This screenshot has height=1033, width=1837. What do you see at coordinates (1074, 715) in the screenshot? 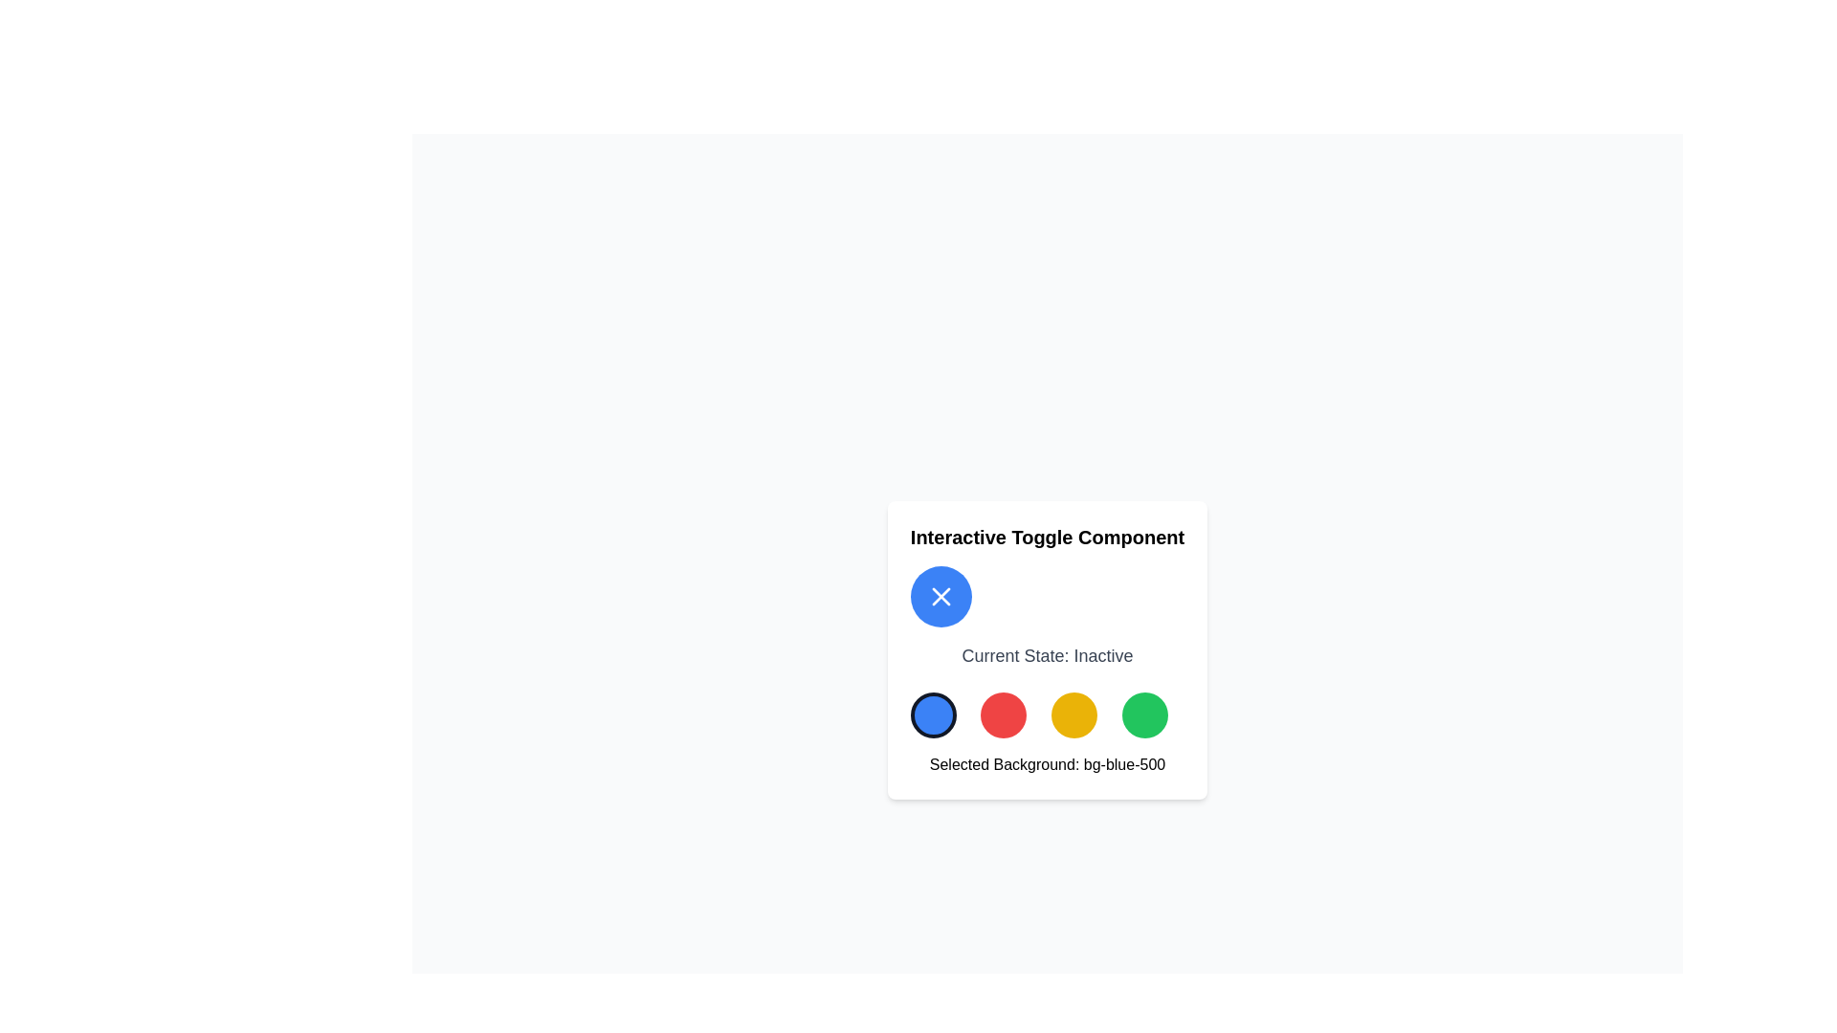
I see `the circular yellow button, the third button in a horizontal row of four, located in the bottom section of the 'Interactive Toggle Component' card` at bounding box center [1074, 715].